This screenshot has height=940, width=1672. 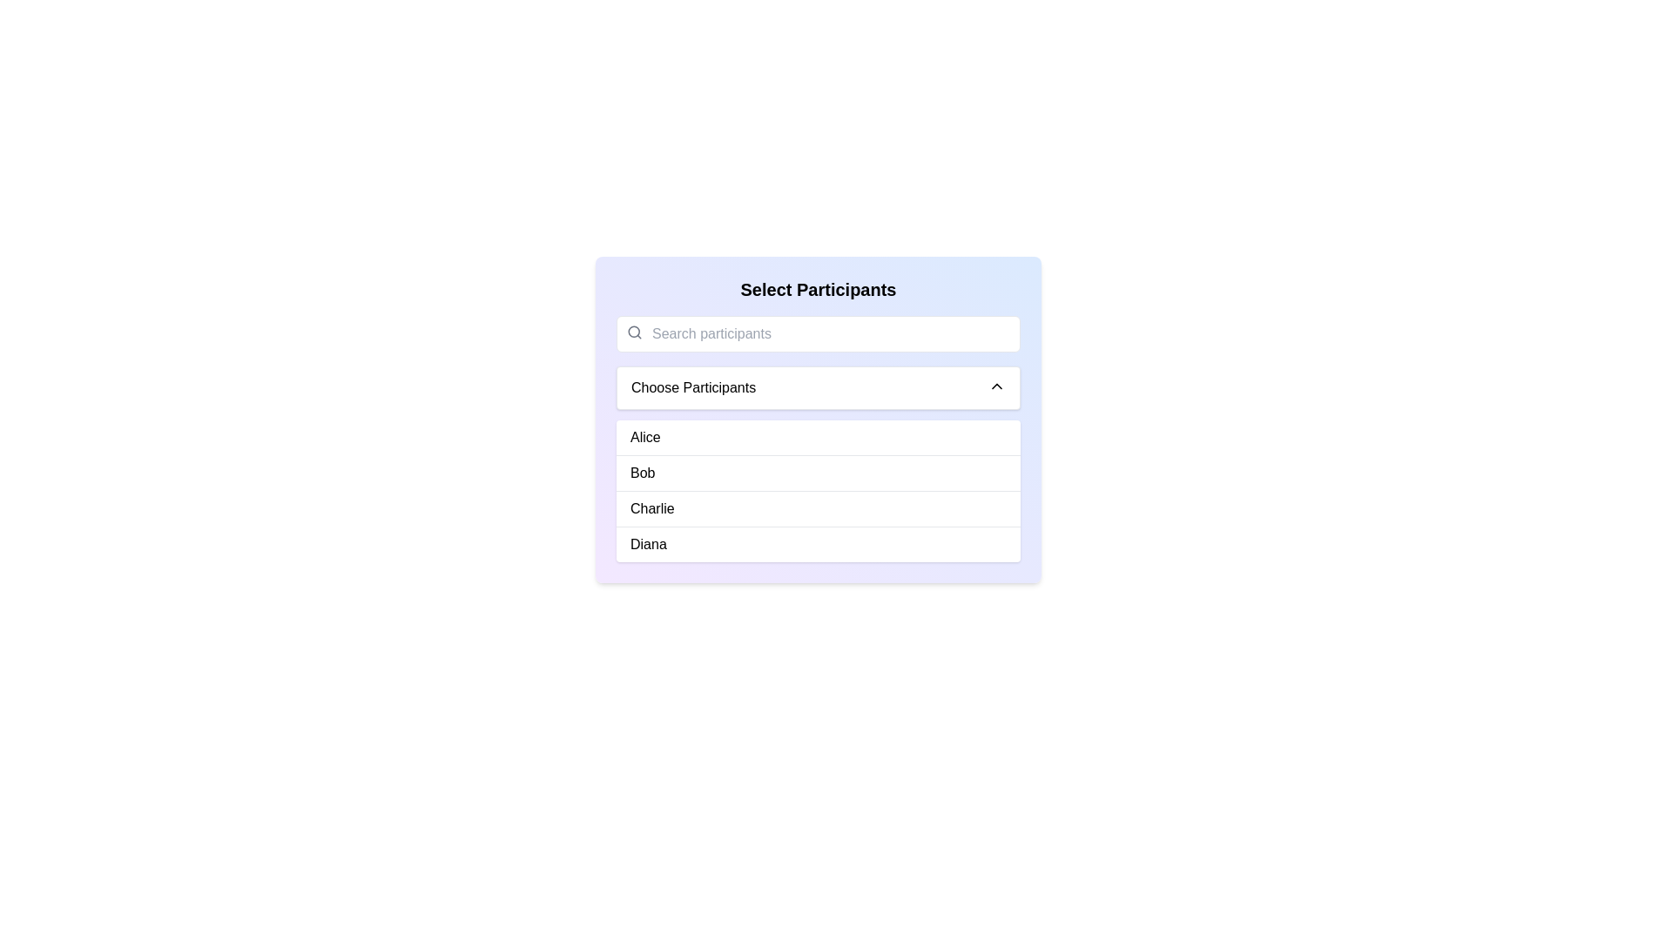 I want to click on the first selectable list entry beneath the 'Choose Participants' dropdown, so click(x=818, y=436).